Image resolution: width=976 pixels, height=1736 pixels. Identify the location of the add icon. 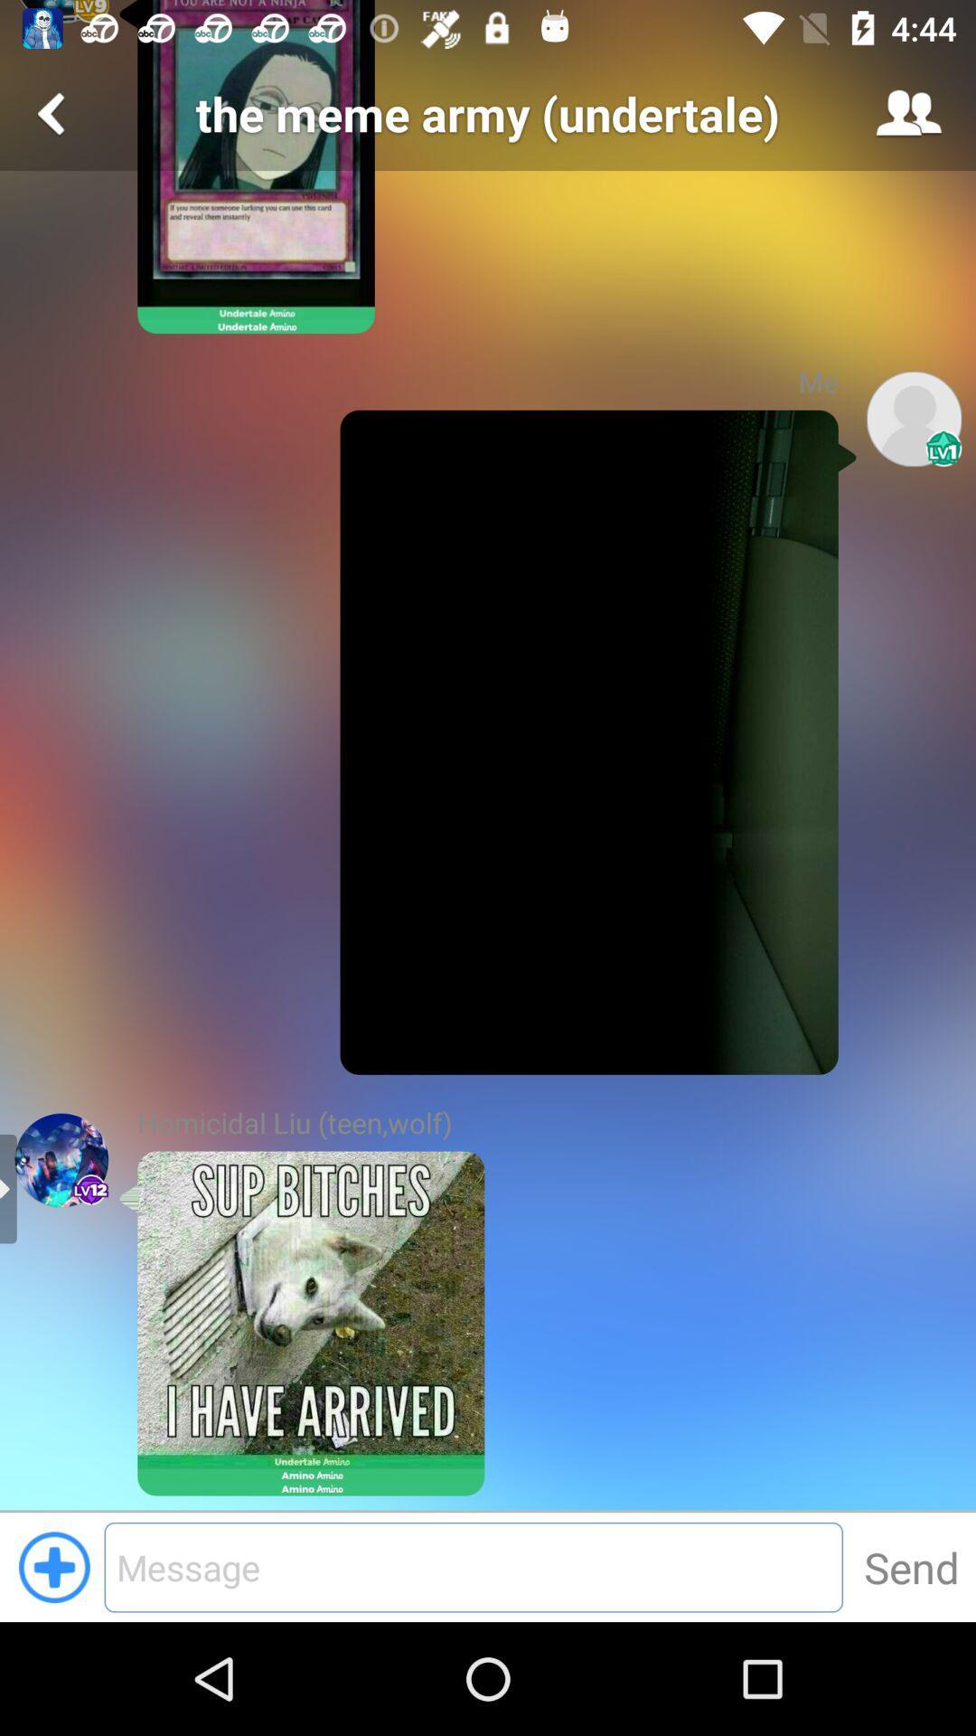
(53, 1566).